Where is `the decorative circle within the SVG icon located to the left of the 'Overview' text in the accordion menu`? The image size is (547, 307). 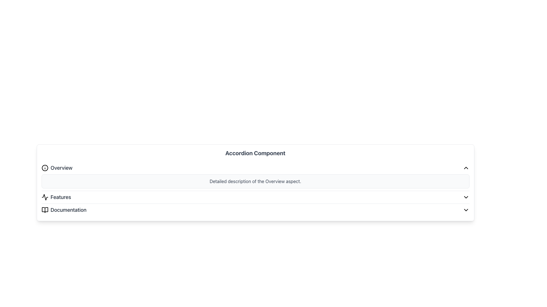 the decorative circle within the SVG icon located to the left of the 'Overview' text in the accordion menu is located at coordinates (44, 167).